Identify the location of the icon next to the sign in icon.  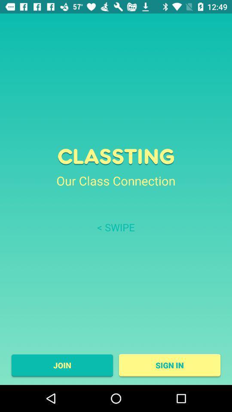
(61, 365).